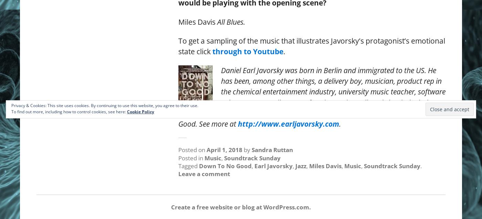 Image resolution: width=482 pixels, height=219 pixels. Describe the element at coordinates (312, 97) in the screenshot. I see `'Daniel Earl Javorsky was born in Berlin and immigrated to the US. He has been, among other things, a delivery boy, musician, product rep in the chemical entertainment industry, university music teacher, software salesman, copy editor, proofreader, and novelist. His books include Down Solo and Trust Me, and a sequel to Down Solo called Down to No Good. See more at'` at that location.